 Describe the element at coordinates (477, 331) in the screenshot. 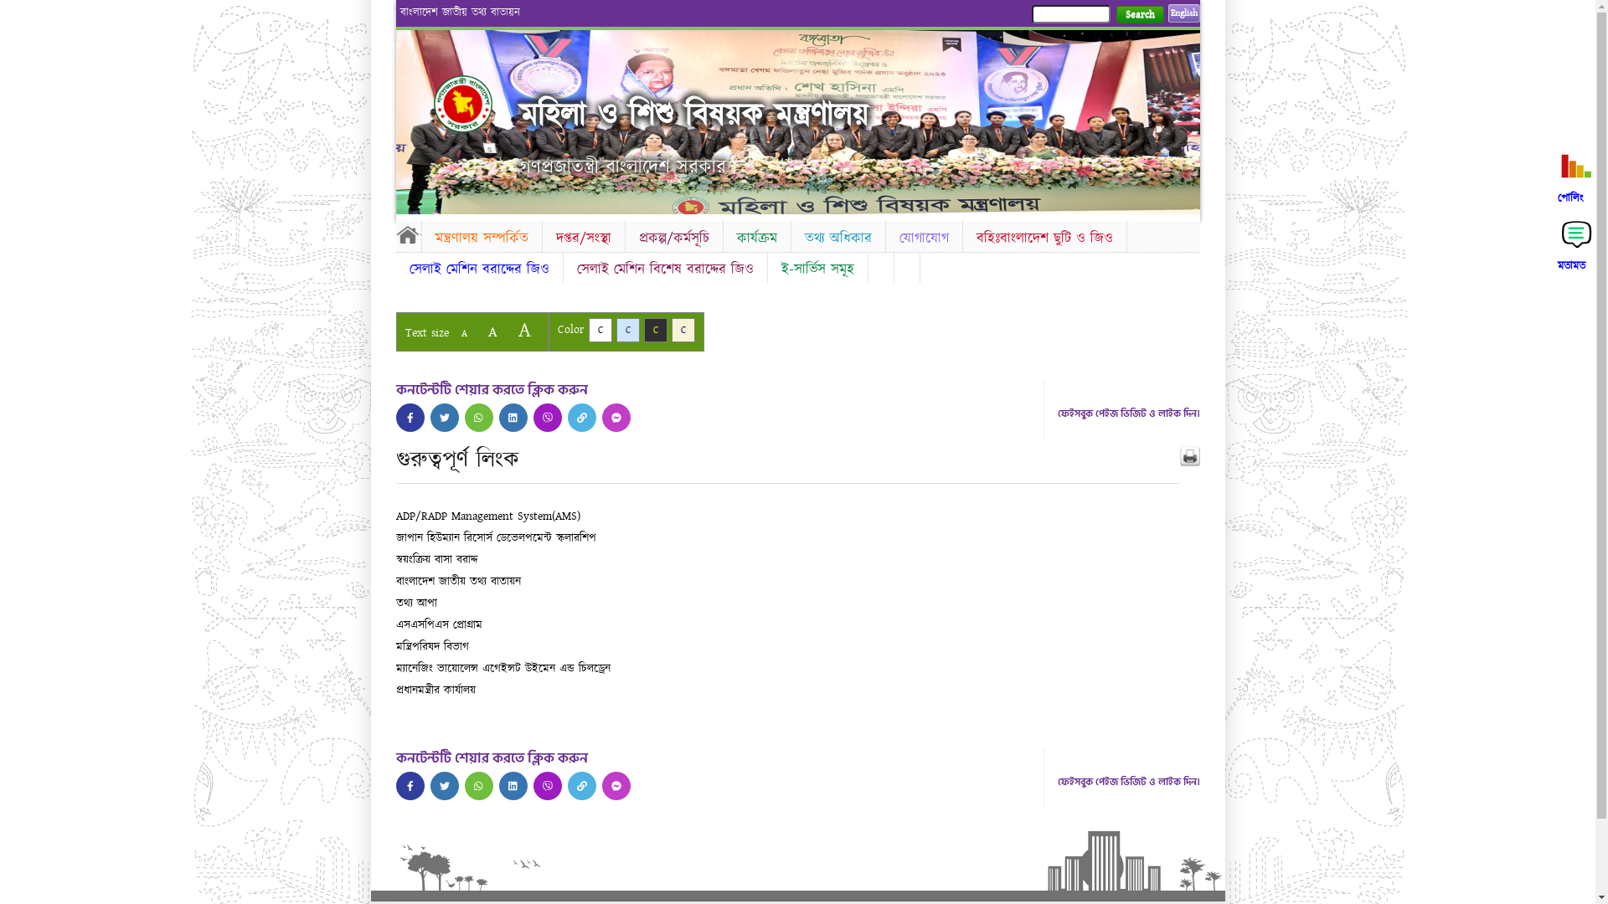

I see `'A'` at that location.